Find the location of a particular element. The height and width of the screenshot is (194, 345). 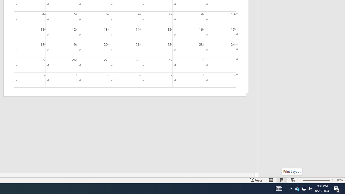

'Zoom In' is located at coordinates (322, 180).